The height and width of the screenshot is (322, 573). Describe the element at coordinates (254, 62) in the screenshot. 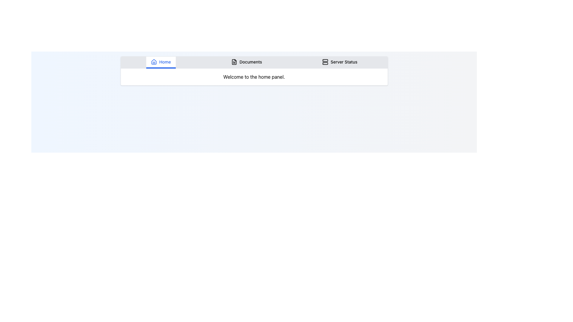

I see `the Tab Navigation Bar element, which features a gray background with rounded corners and contains the 'Home', 'Documents', and 'Server Status' tabs` at that location.